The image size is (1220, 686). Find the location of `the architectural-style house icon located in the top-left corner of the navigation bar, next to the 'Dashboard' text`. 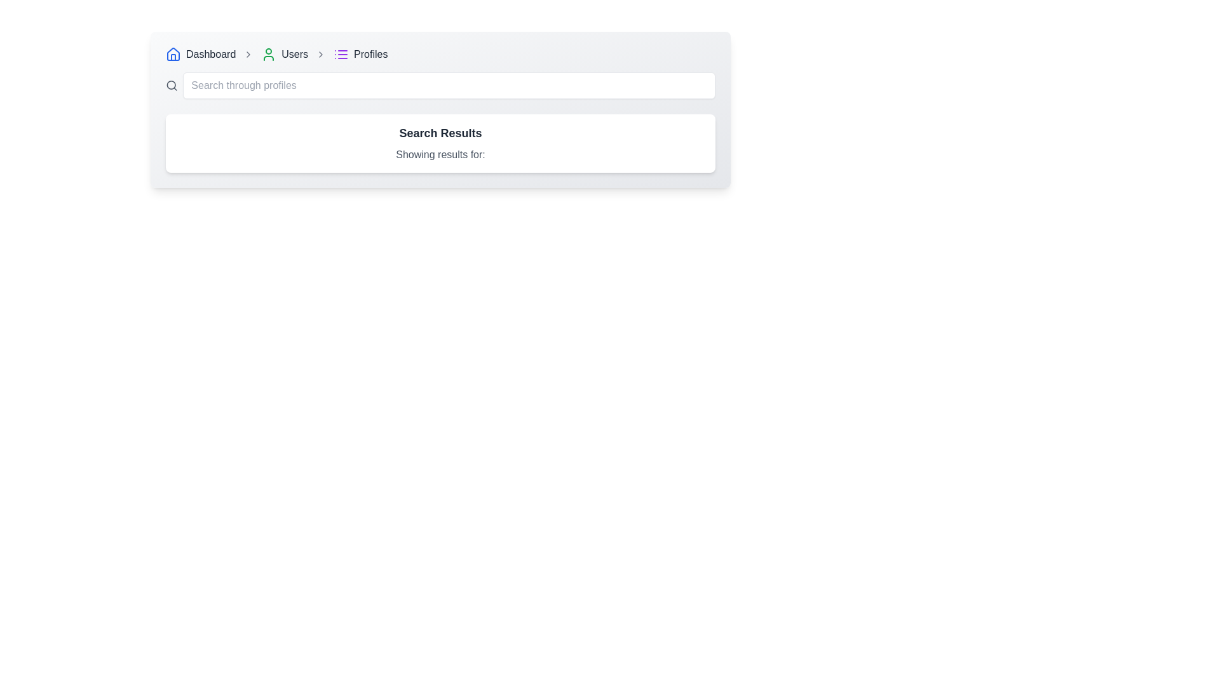

the architectural-style house icon located in the top-left corner of the navigation bar, next to the 'Dashboard' text is located at coordinates (173, 57).